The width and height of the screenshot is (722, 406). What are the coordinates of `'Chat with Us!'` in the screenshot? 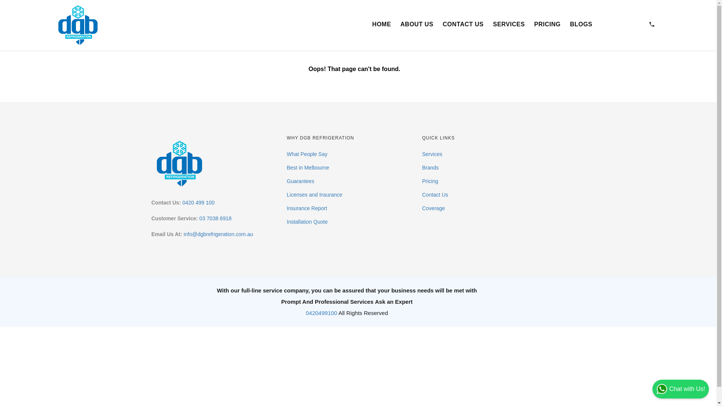 It's located at (680, 389).